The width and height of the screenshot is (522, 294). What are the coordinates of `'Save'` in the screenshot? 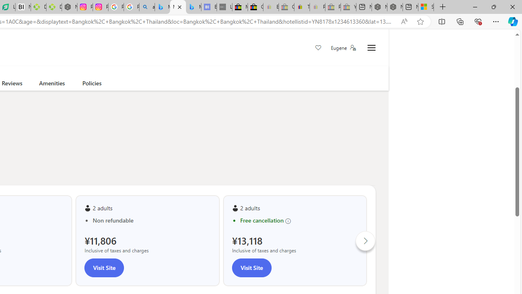 It's located at (318, 48).